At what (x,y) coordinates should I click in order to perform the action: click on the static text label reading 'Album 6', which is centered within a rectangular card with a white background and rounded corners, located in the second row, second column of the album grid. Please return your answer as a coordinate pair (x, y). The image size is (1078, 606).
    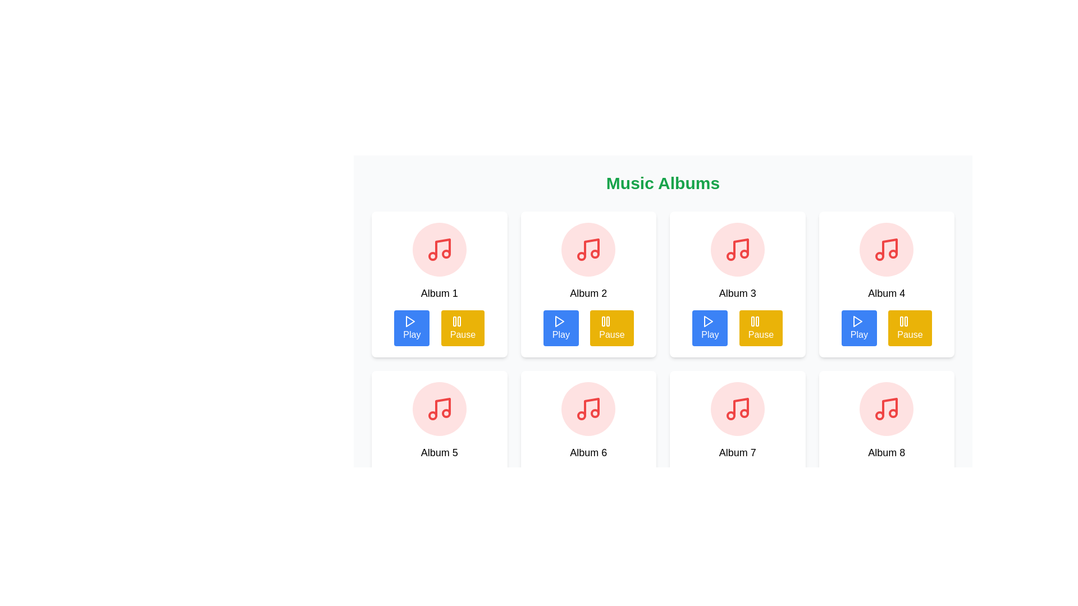
    Looking at the image, I should click on (588, 452).